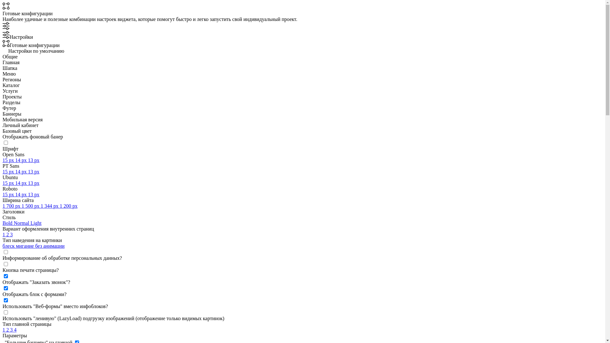 This screenshot has width=610, height=343. What do you see at coordinates (9, 160) in the screenshot?
I see `'15 px'` at bounding box center [9, 160].